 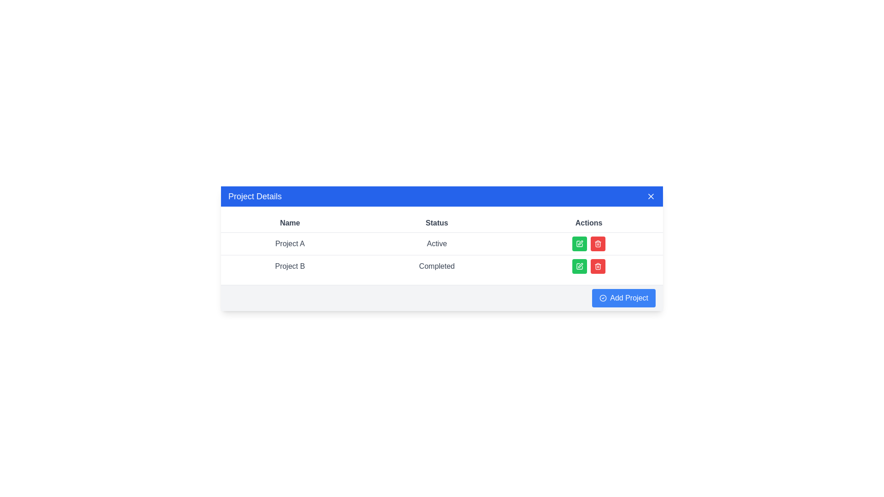 I want to click on the 'X' icon styled as an SVG graphic located at the far right side of the 'Project Details' header, so click(x=651, y=196).